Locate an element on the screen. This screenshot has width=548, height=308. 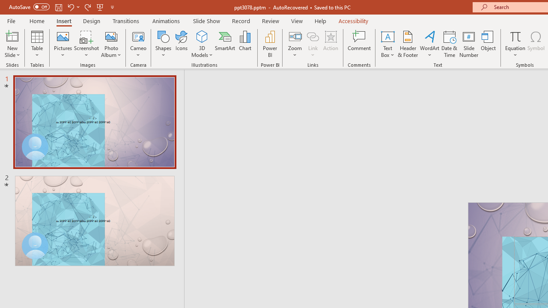
'Photo Album...' is located at coordinates (110, 44).